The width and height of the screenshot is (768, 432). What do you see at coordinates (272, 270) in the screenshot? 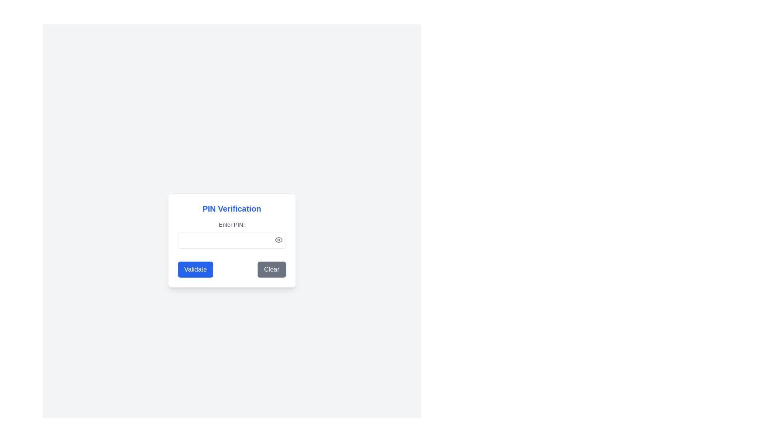
I see `the 'Clear' button, which is a rectangular button with white text on a medium gray background, located to the right of the 'Validate' button in the PIN verification modal` at bounding box center [272, 270].